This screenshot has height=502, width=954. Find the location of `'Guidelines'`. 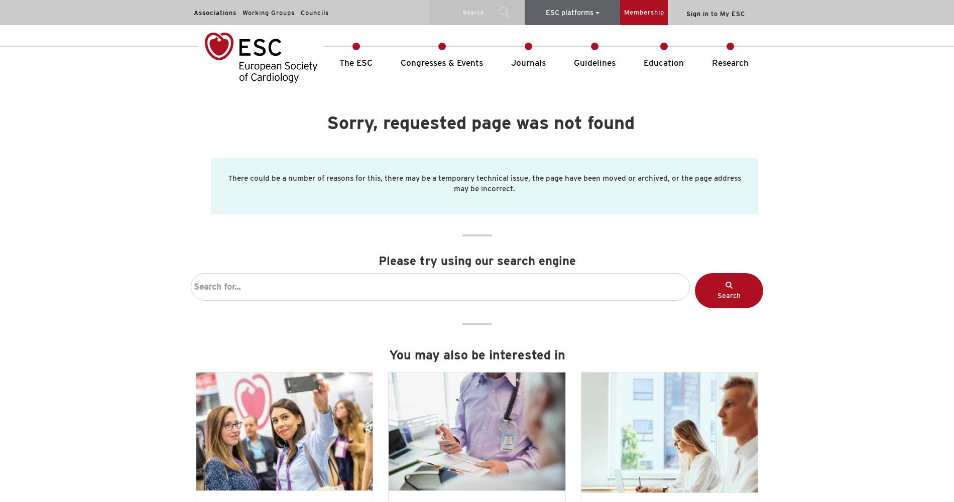

'Guidelines' is located at coordinates (594, 63).